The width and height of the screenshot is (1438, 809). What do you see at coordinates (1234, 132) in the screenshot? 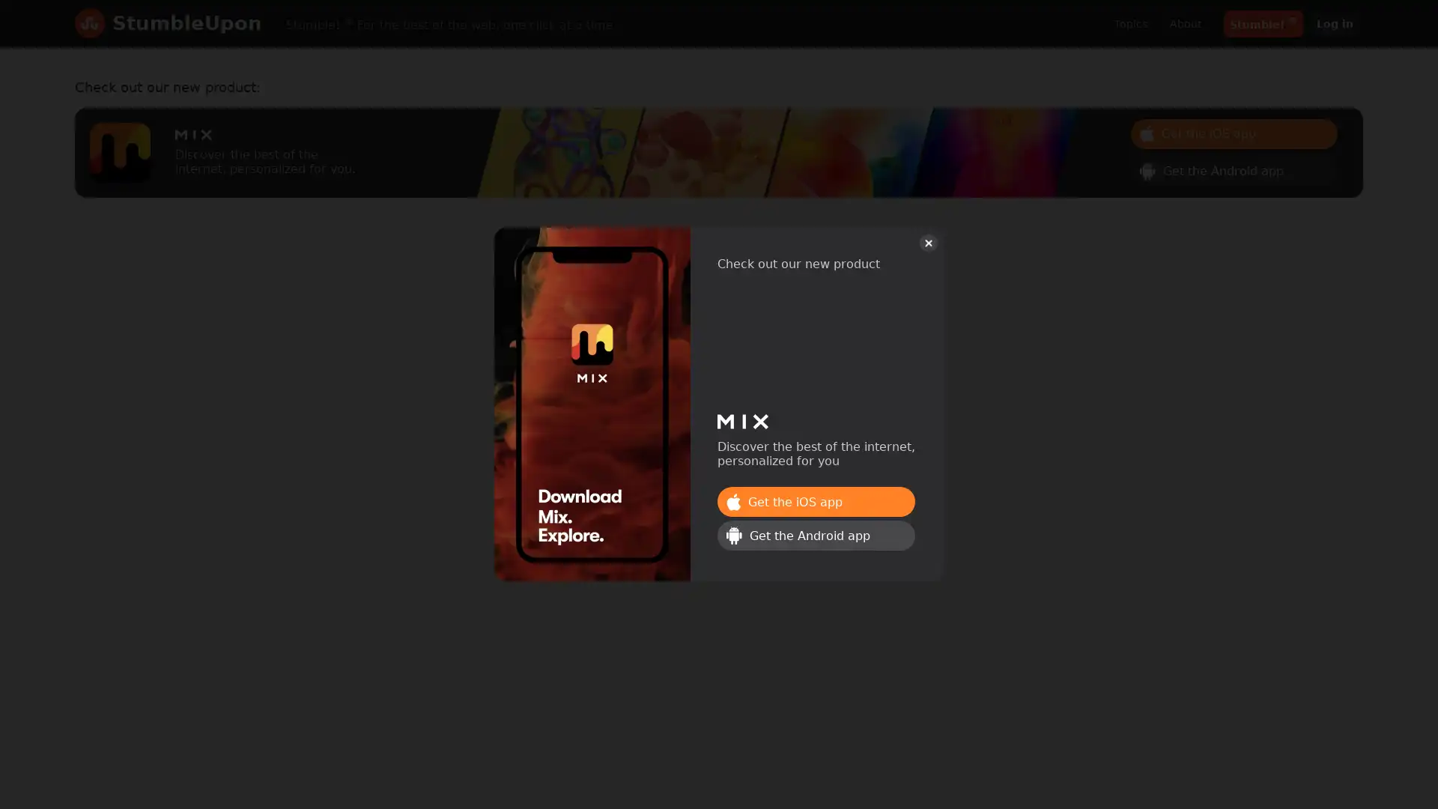
I see `Header Image 1 Get the iOS app` at bounding box center [1234, 132].